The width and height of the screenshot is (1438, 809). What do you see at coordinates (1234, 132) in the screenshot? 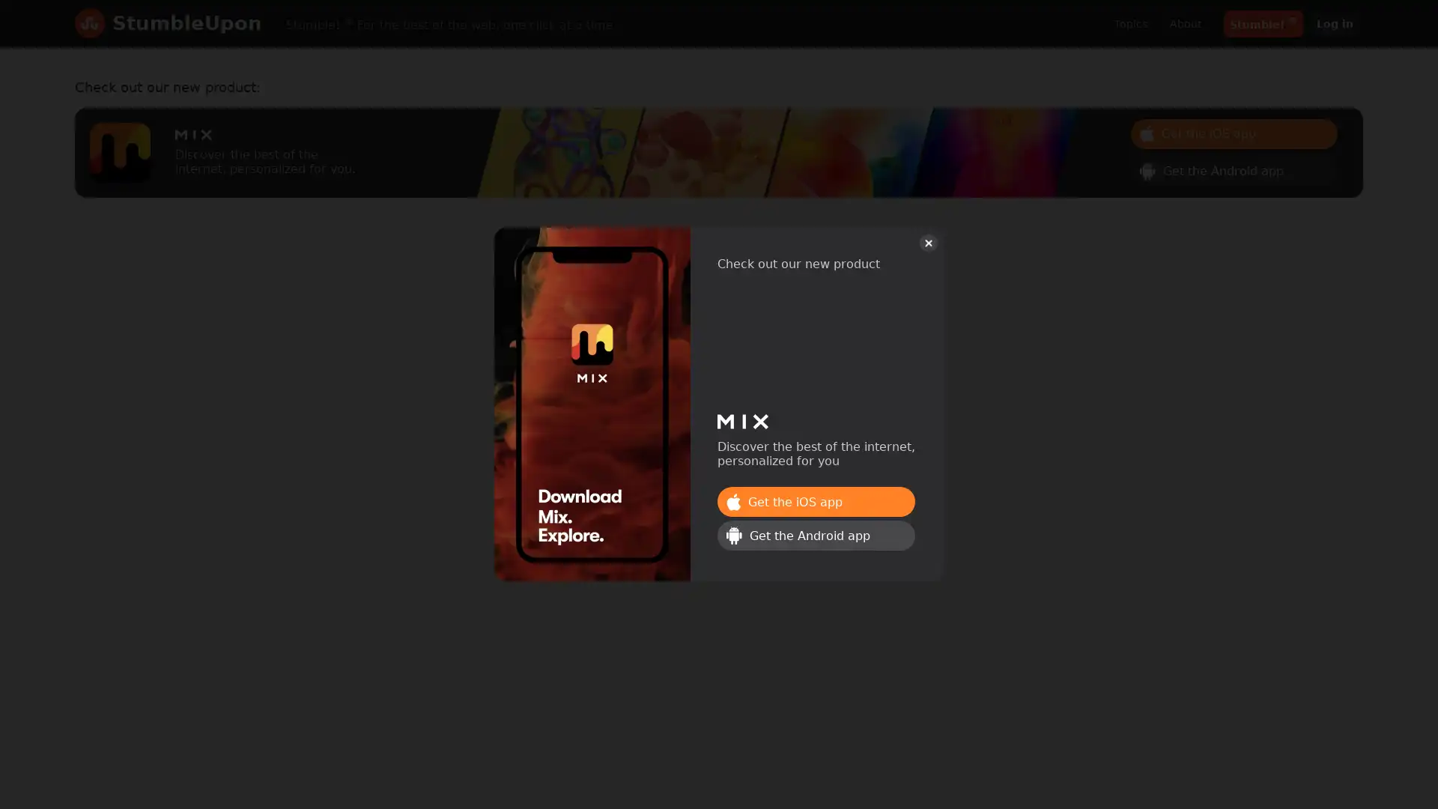
I see `Header Image 1 Get the iOS app` at bounding box center [1234, 132].